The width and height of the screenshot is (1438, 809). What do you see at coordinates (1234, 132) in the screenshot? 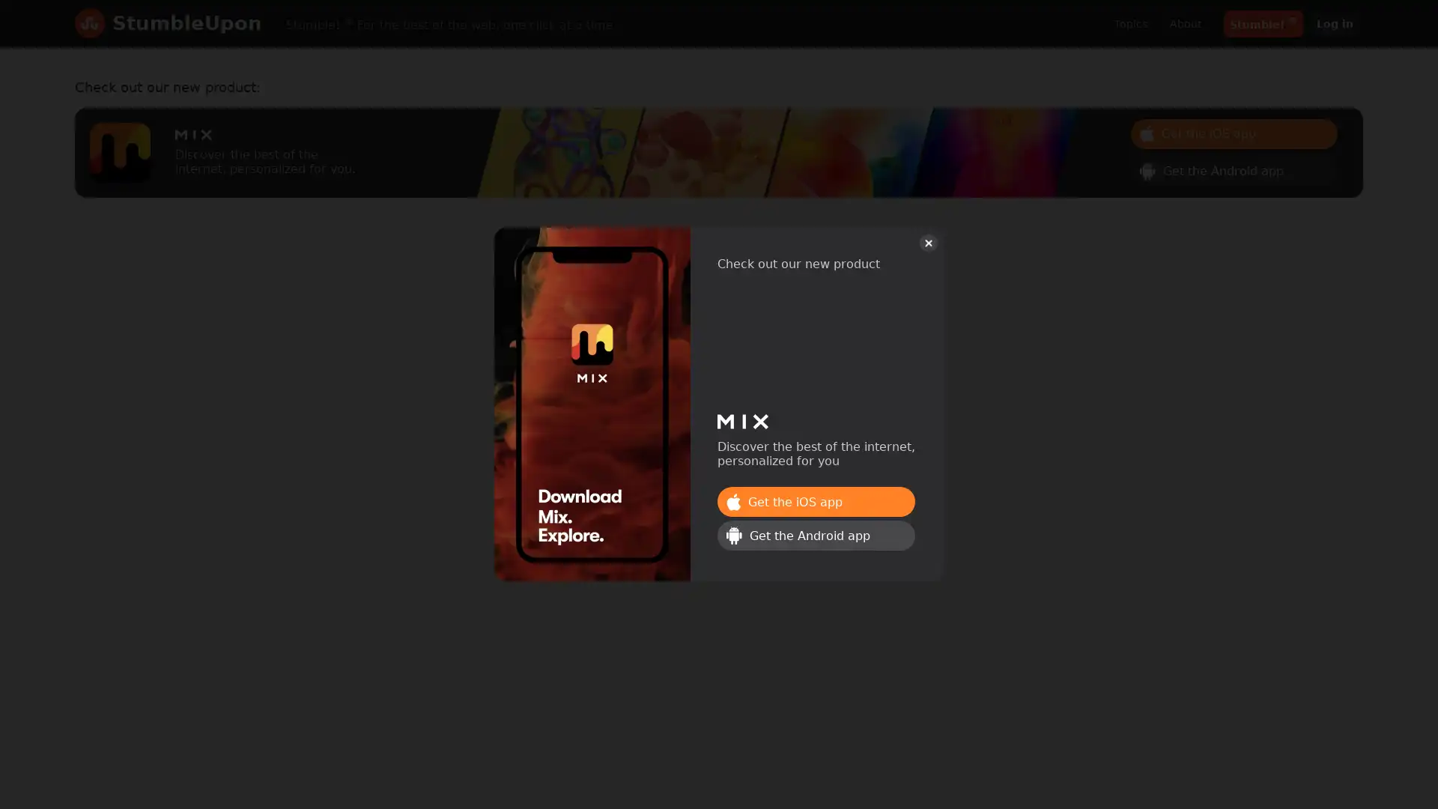
I see `Header Image 1 Get the iOS app` at bounding box center [1234, 132].